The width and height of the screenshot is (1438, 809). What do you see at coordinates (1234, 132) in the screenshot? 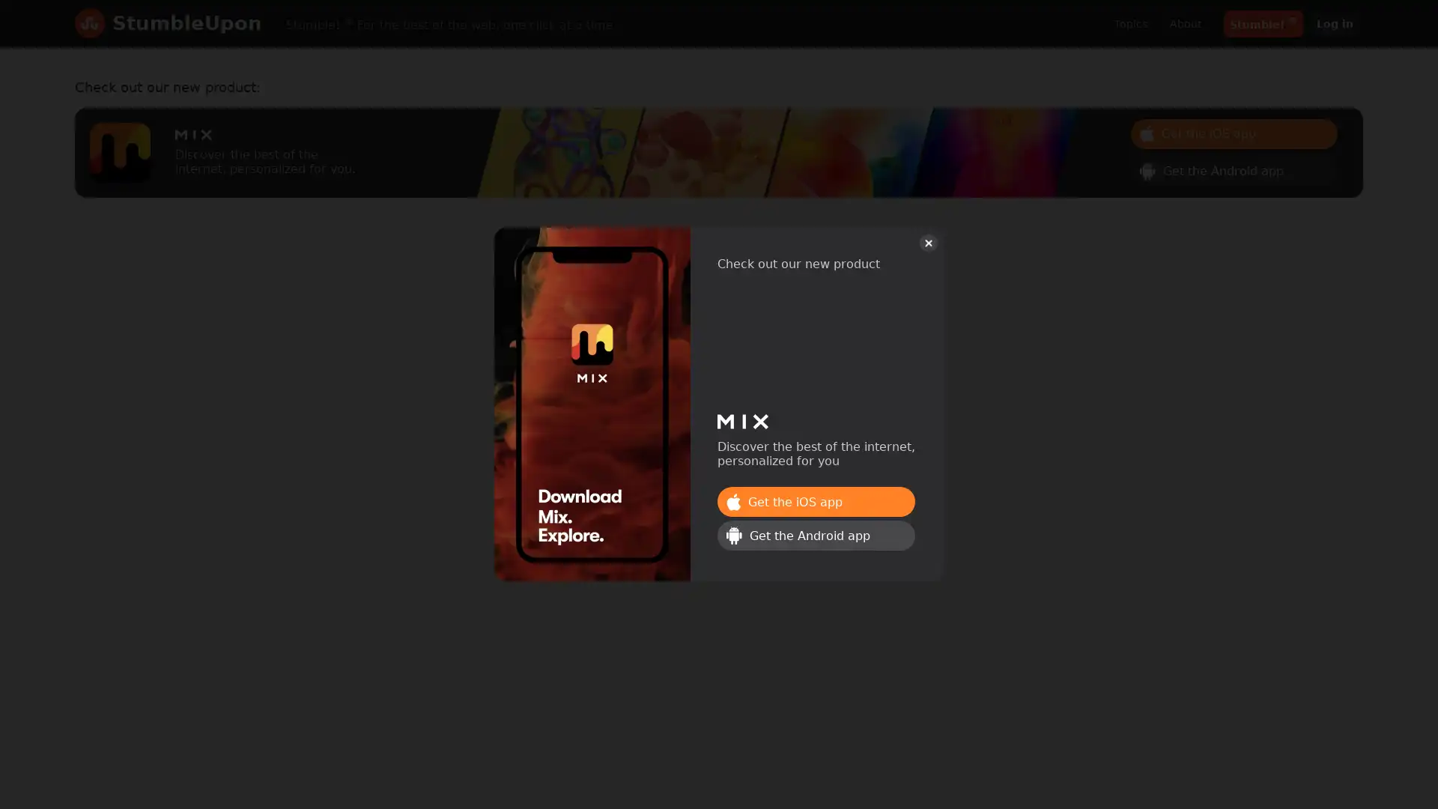
I see `Header Image 1 Get the iOS app` at bounding box center [1234, 132].